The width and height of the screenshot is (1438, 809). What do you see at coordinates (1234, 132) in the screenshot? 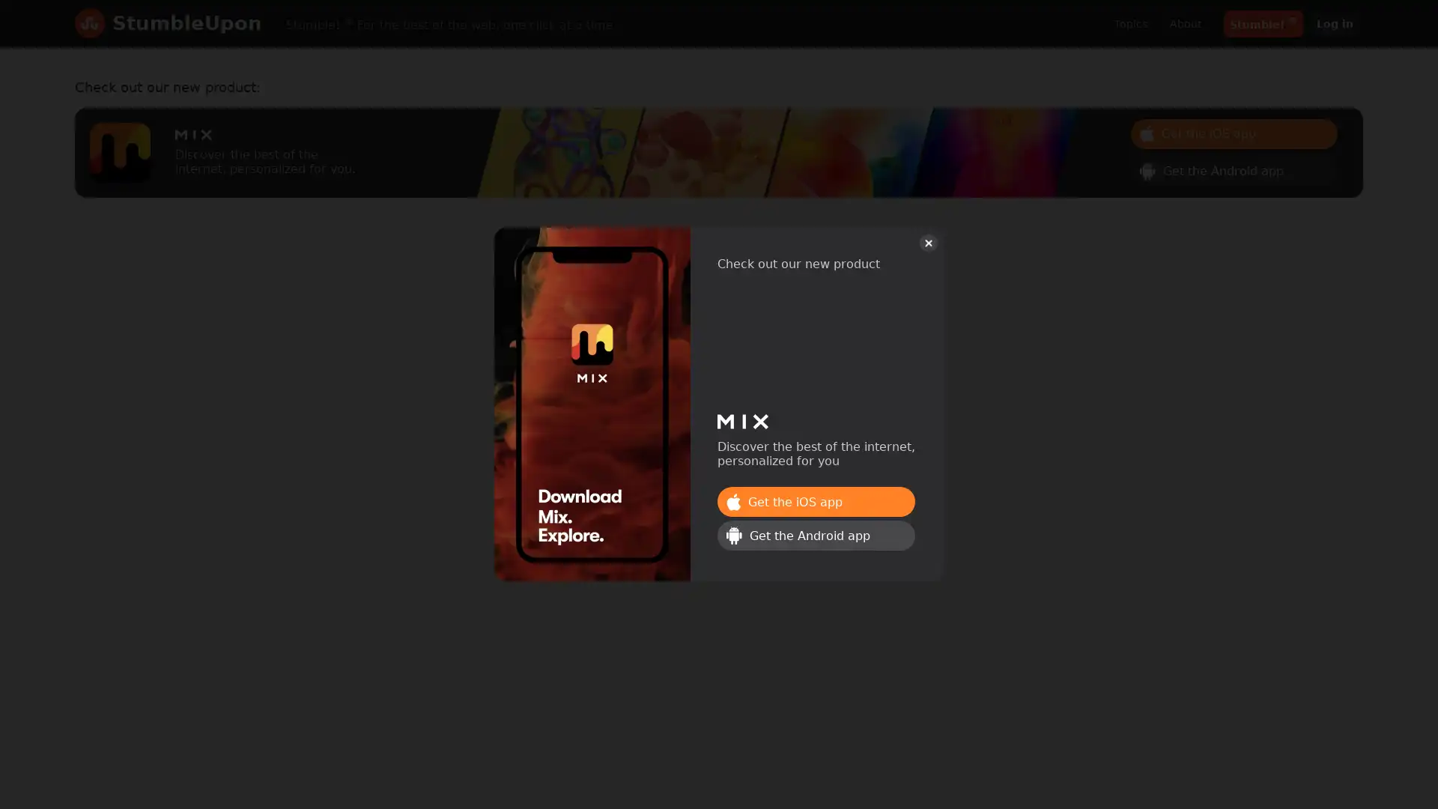
I see `Header Image 1 Get the iOS app` at bounding box center [1234, 132].